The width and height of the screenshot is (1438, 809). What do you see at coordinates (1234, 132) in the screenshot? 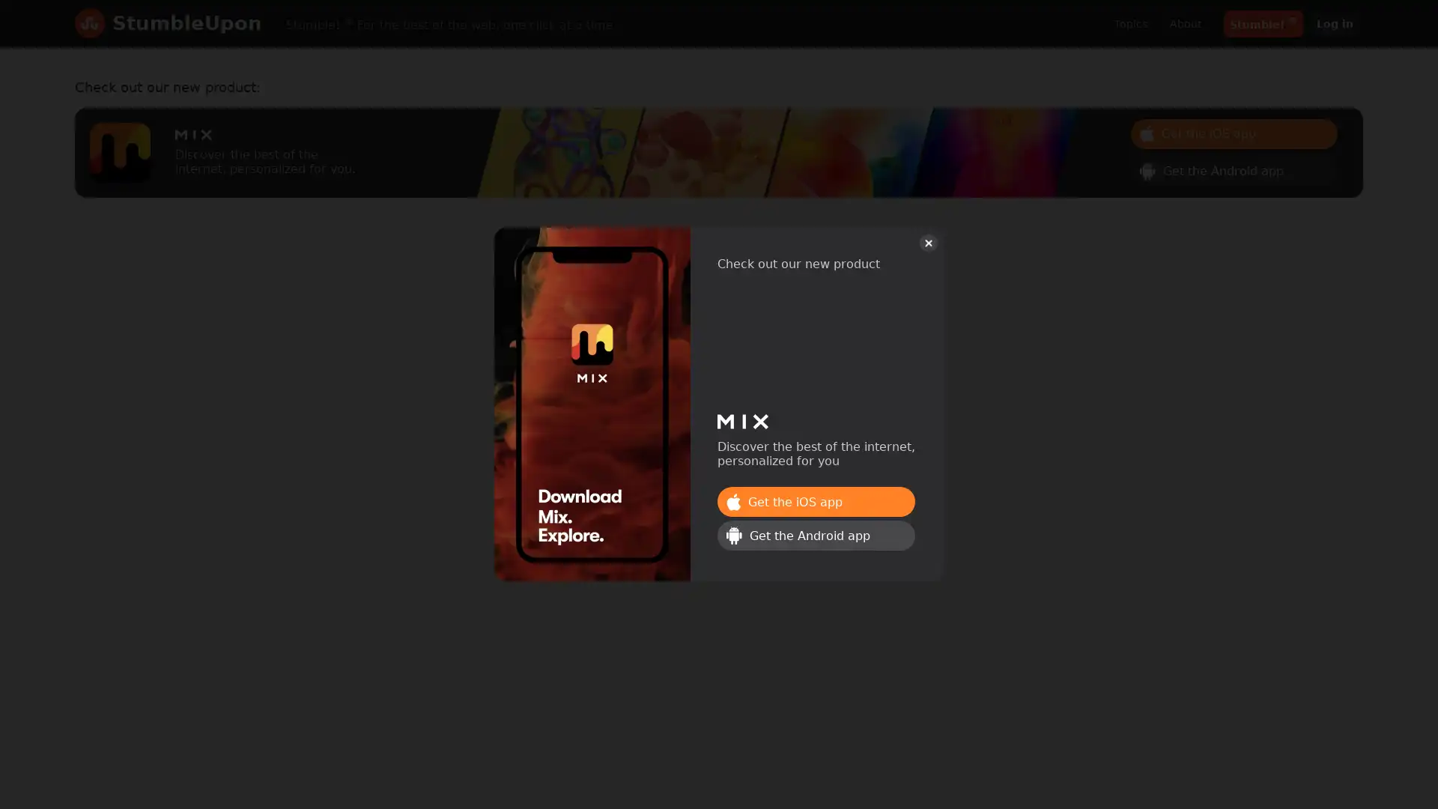
I see `Header Image 1 Get the iOS app` at bounding box center [1234, 132].